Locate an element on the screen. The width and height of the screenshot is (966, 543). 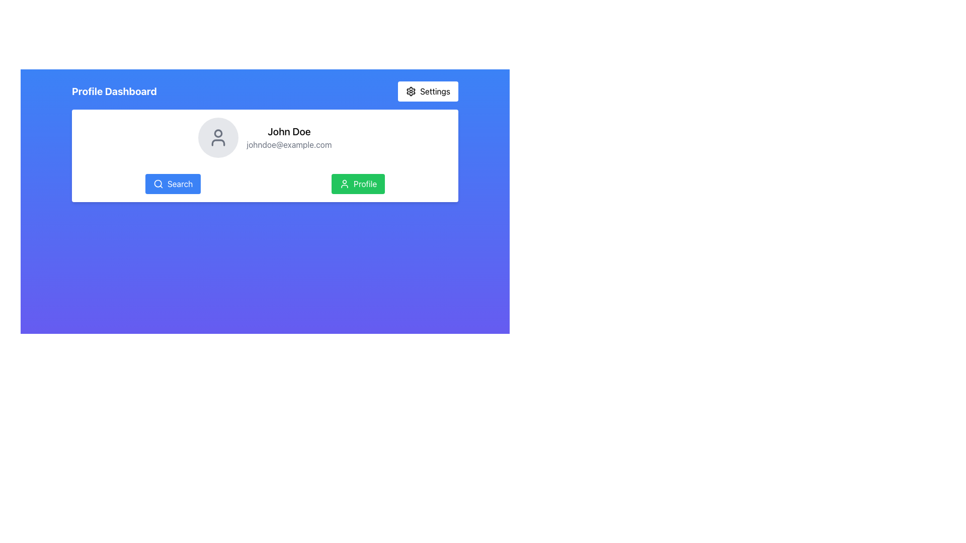
the User Profile Display Section that shows the avatar of a user along with the name 'John Doe' and email 'johndoe@example.com' is located at coordinates (265, 137).